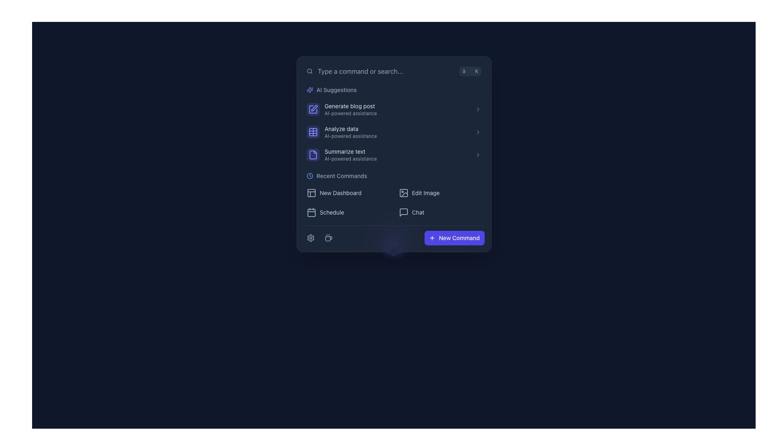  What do you see at coordinates (394, 202) in the screenshot?
I see `the 'Chat' option in the Grid of interactive menu items located in the 'Recent Commands' section, which is positioned below the 'AI Suggestions' list` at bounding box center [394, 202].